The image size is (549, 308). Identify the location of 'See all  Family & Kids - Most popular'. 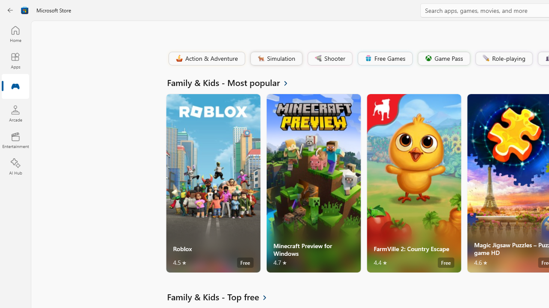
(232, 82).